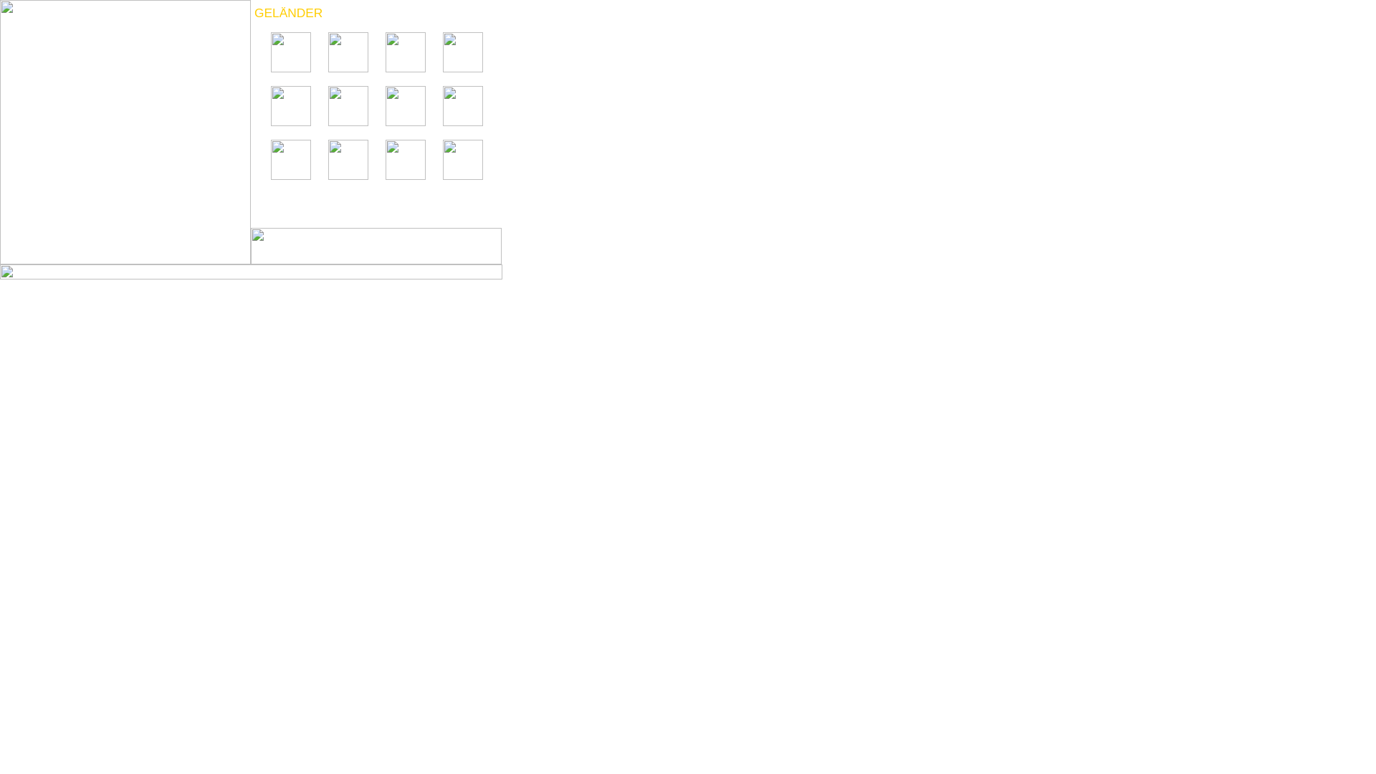 The width and height of the screenshot is (1376, 774). Describe the element at coordinates (251, 277) in the screenshot. I see `'zum Webmaster'` at that location.